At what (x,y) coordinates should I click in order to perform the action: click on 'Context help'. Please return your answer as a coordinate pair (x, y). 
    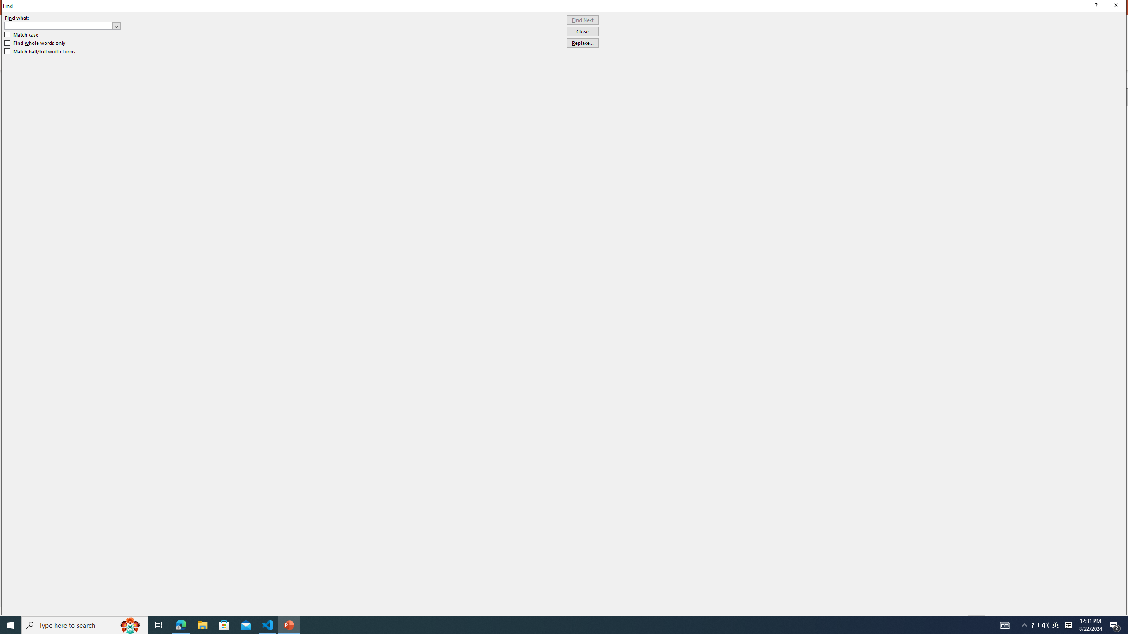
    Looking at the image, I should click on (1095, 7).